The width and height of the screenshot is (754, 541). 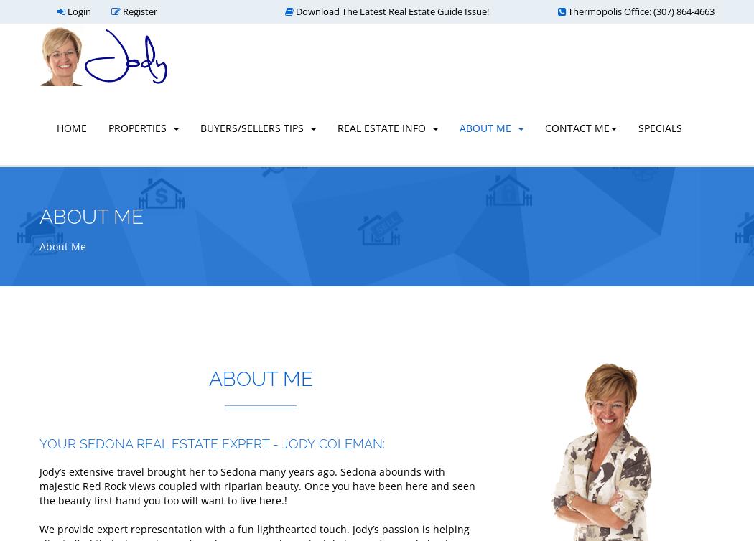 What do you see at coordinates (211, 442) in the screenshot?
I see `'YOUR SEDONA REAL ESTATE EXPERT - JODY COLEMAN:'` at bounding box center [211, 442].